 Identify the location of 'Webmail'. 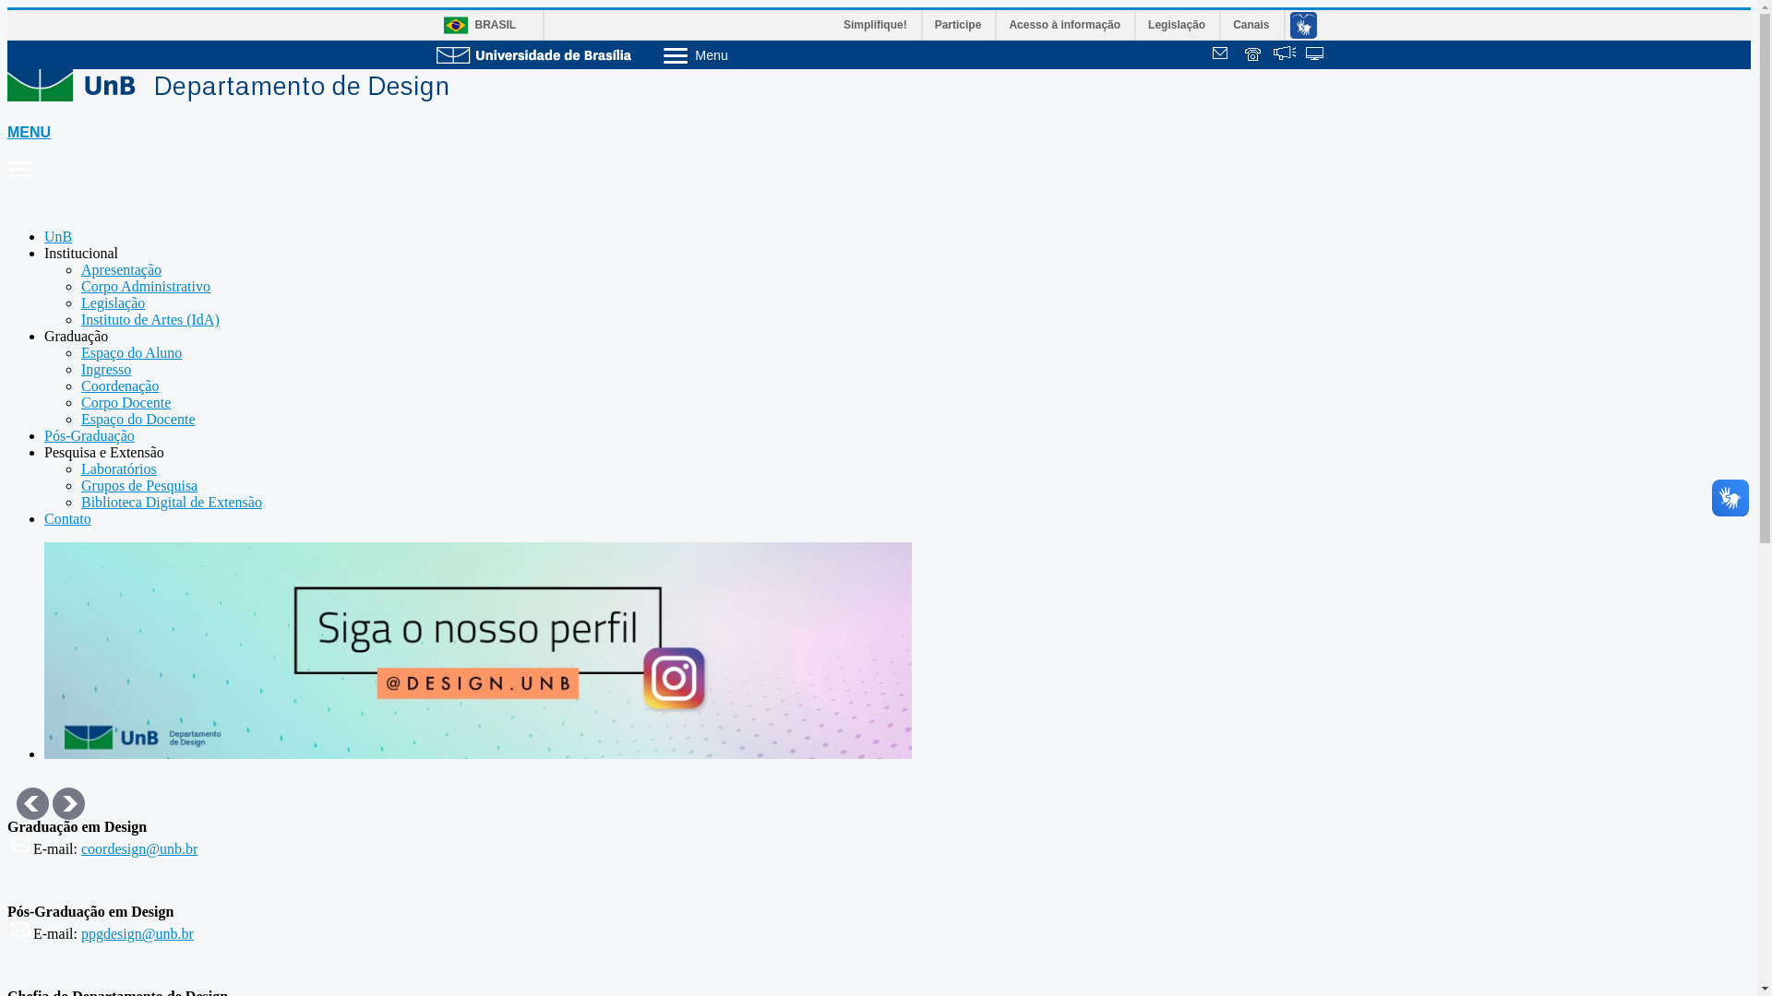
(1222, 54).